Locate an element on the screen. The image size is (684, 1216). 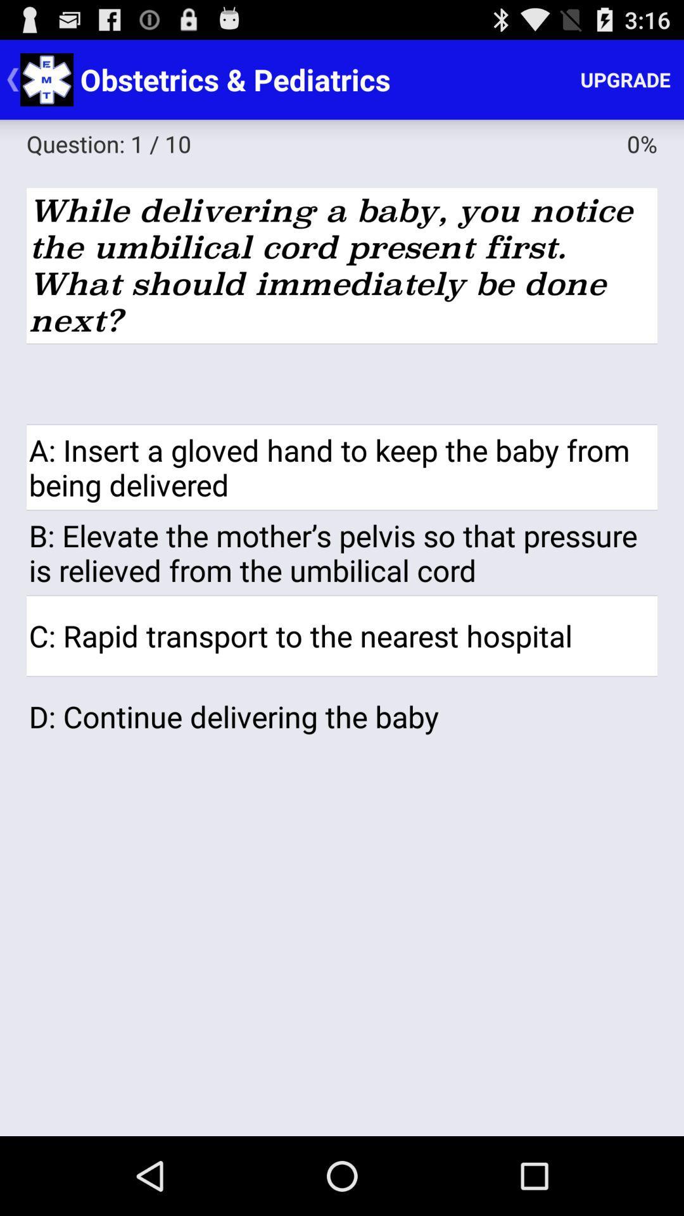
app is located at coordinates (342, 383).